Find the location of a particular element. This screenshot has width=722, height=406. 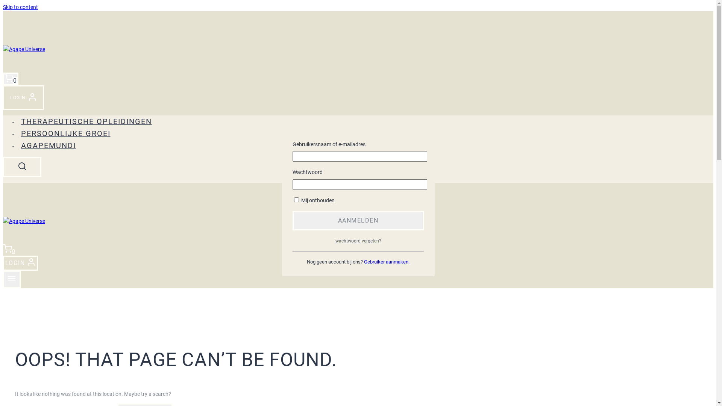

'PERSOONLIJKE GROEI' is located at coordinates (65, 133).